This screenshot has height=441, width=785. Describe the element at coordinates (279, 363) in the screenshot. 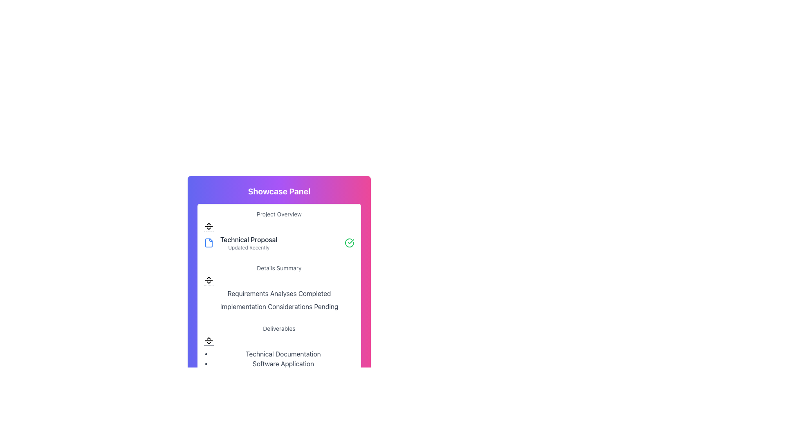

I see `the bulleted list element containing 'Technical Documentation', 'Software Application', and 'User Training Material' located below the 'Deliverables' section` at that location.